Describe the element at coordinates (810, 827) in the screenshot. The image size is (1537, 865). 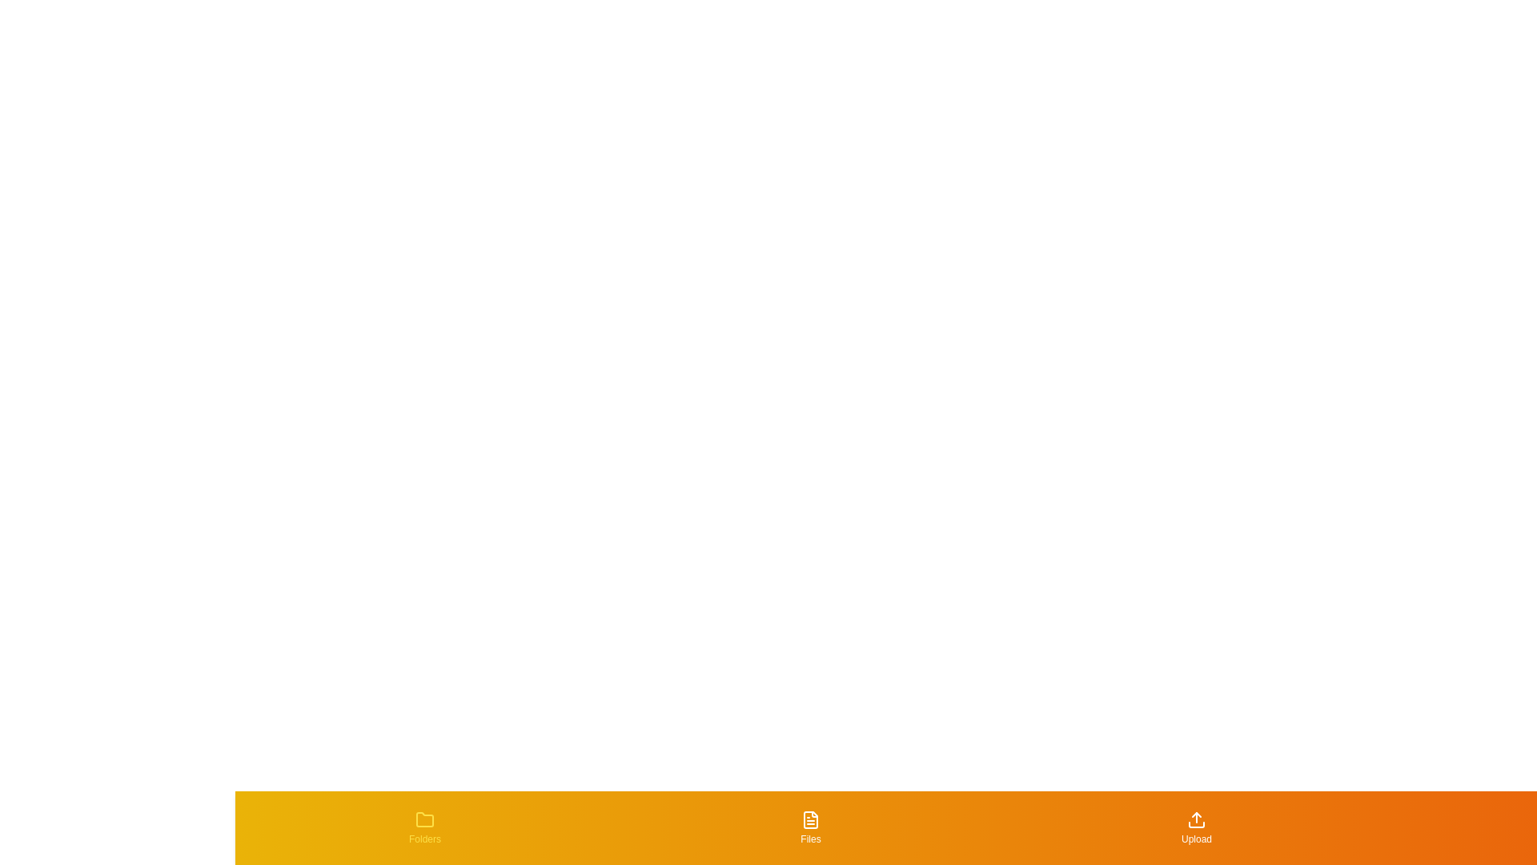
I see `the Files tab to navigate to its section` at that location.